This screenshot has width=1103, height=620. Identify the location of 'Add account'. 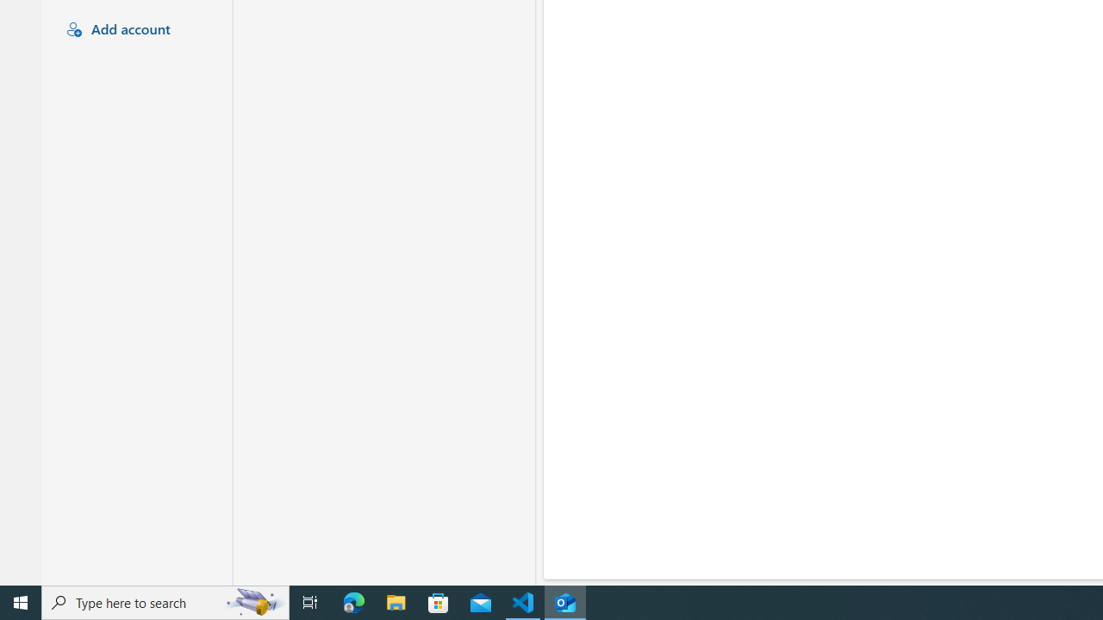
(134, 30).